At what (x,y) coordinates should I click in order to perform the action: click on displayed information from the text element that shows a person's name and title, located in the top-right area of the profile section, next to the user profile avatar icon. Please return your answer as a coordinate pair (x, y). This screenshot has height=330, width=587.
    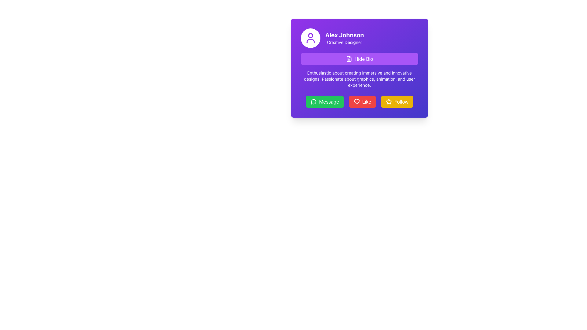
    Looking at the image, I should click on (345, 38).